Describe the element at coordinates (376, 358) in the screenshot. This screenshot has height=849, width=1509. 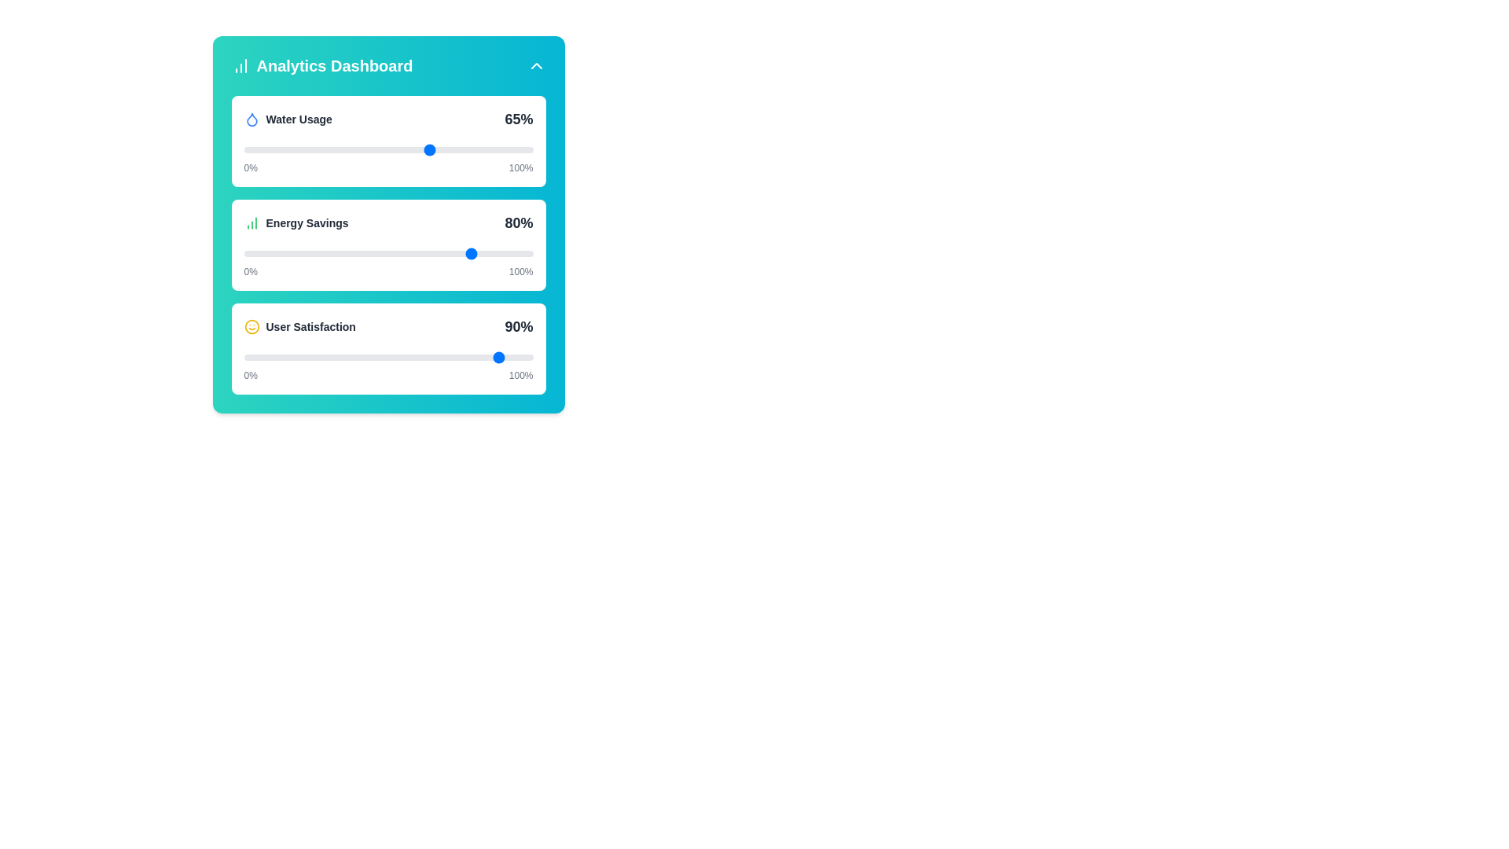
I see `user satisfaction` at that location.